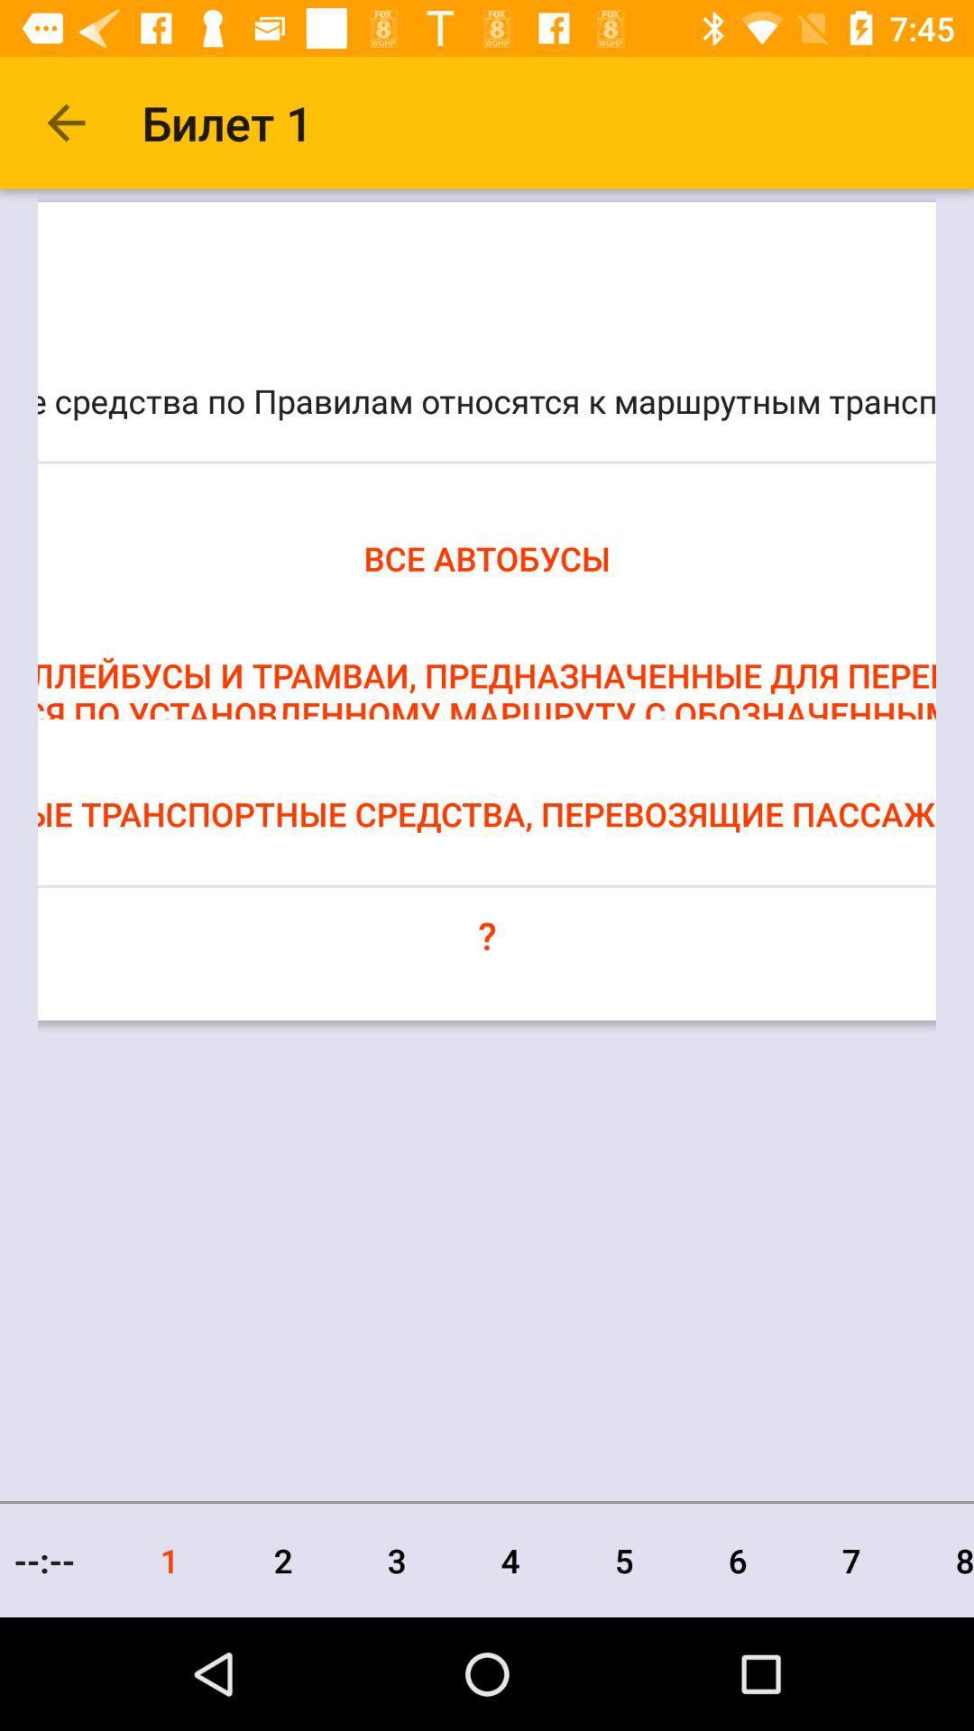  What do you see at coordinates (623, 1560) in the screenshot?
I see `5` at bounding box center [623, 1560].